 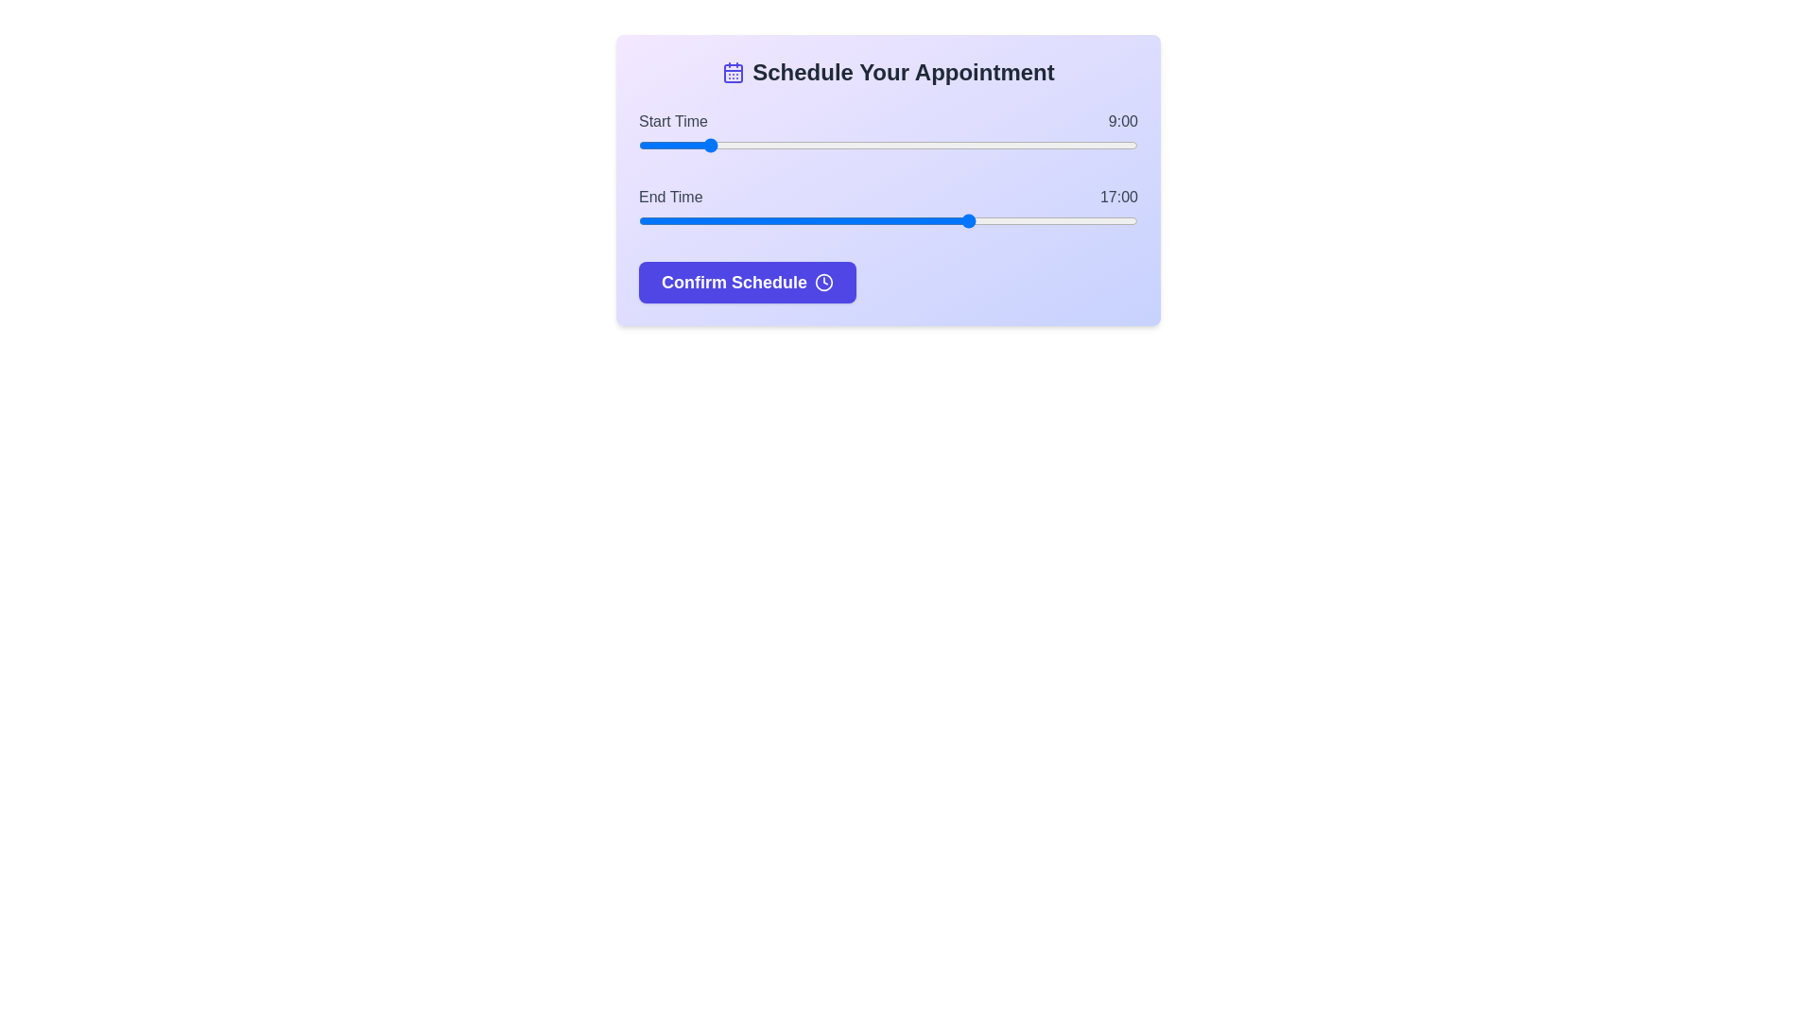 What do you see at coordinates (804, 220) in the screenshot?
I see `the end time slider to 12 hours` at bounding box center [804, 220].